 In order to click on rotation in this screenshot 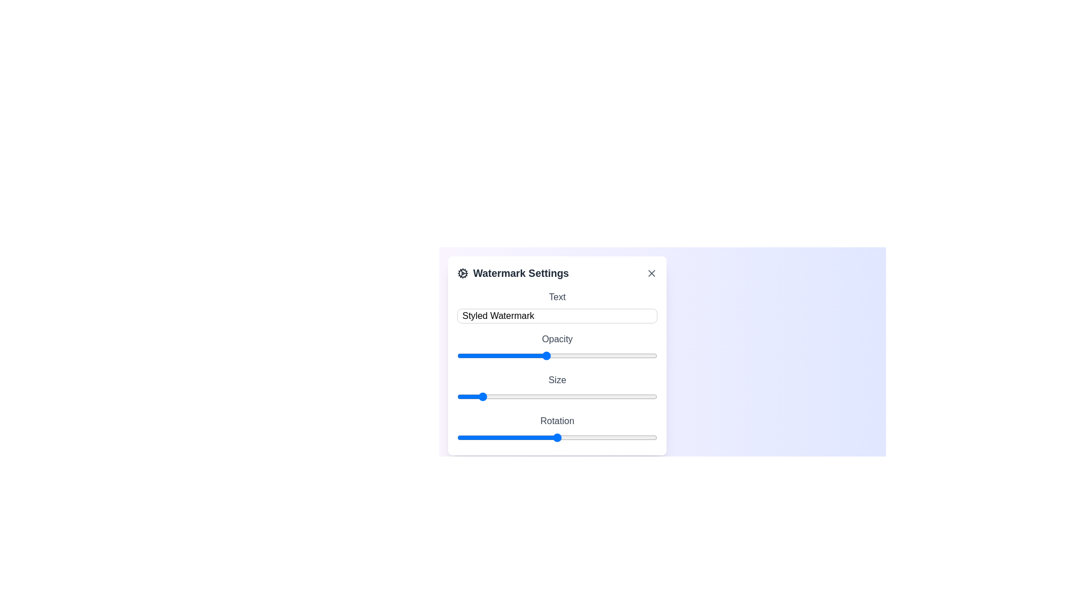, I will do `click(566, 437)`.